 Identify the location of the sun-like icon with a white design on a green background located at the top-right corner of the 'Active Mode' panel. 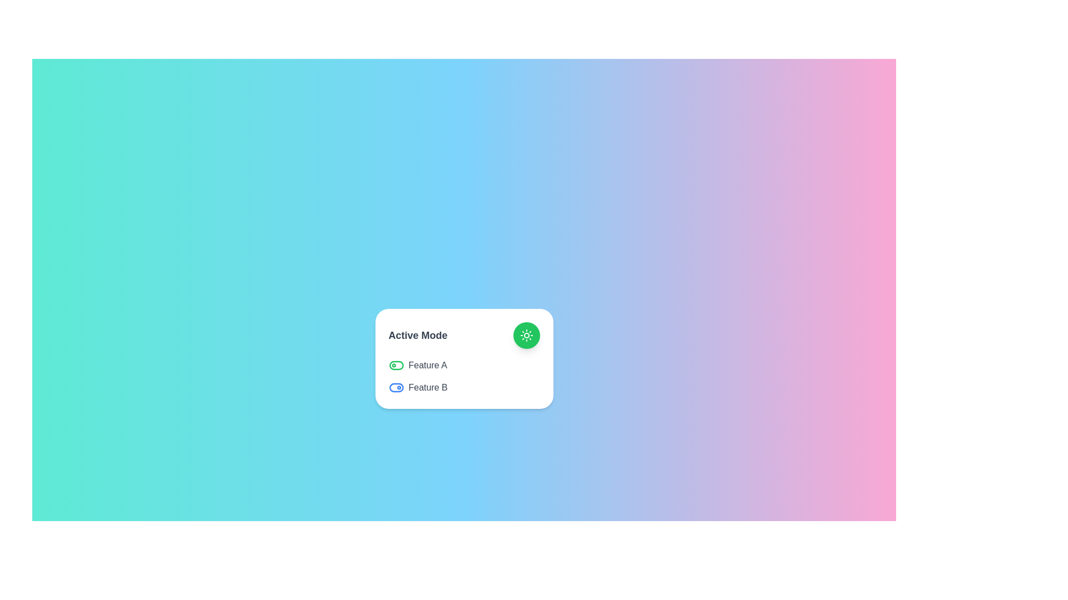
(526, 335).